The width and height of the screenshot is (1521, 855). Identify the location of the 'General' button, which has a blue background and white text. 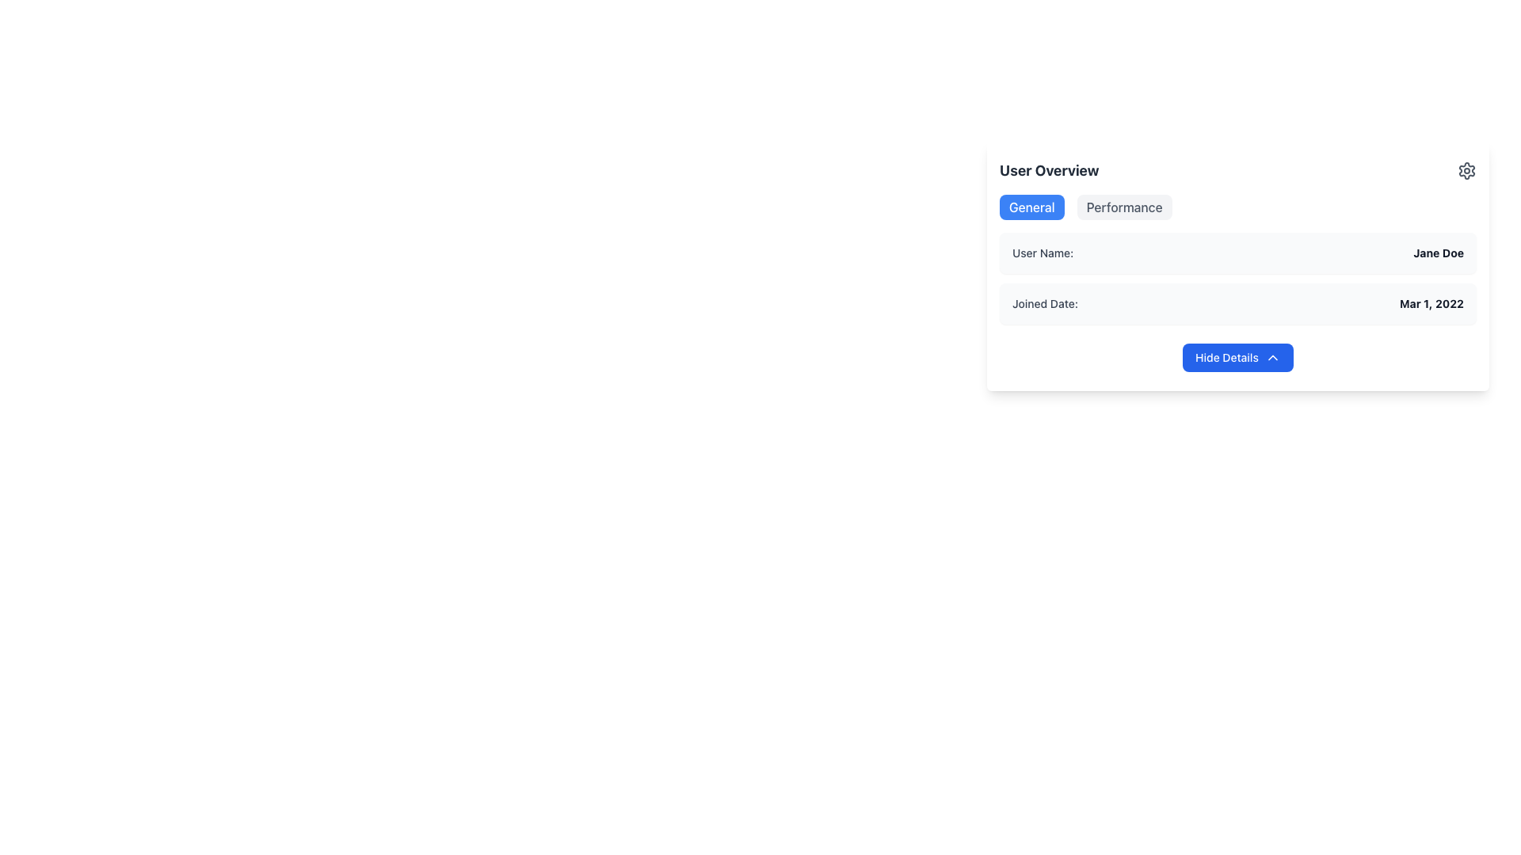
(1031, 207).